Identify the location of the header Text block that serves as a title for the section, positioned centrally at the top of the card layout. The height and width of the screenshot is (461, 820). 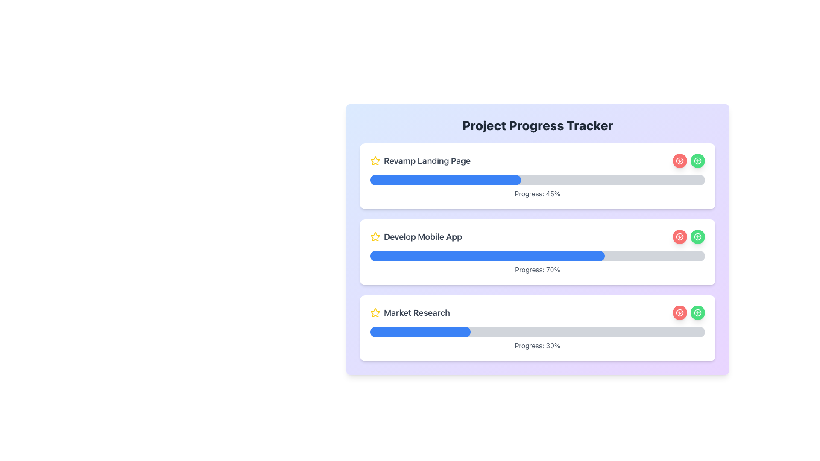
(537, 125).